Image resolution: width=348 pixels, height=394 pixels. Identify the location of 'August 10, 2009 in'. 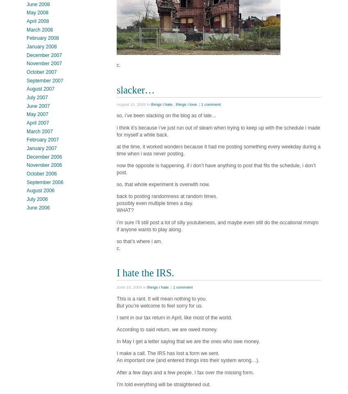
(133, 103).